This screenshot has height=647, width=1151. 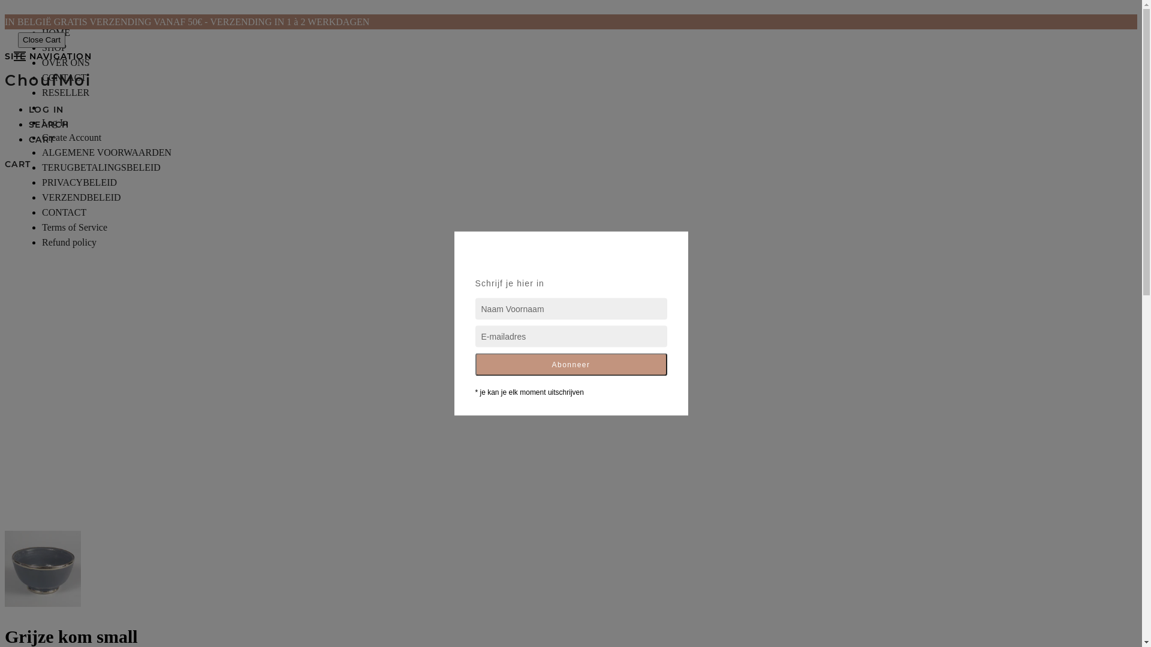 I want to click on 'ALGEMENE VOORWAARDEN', so click(x=106, y=152).